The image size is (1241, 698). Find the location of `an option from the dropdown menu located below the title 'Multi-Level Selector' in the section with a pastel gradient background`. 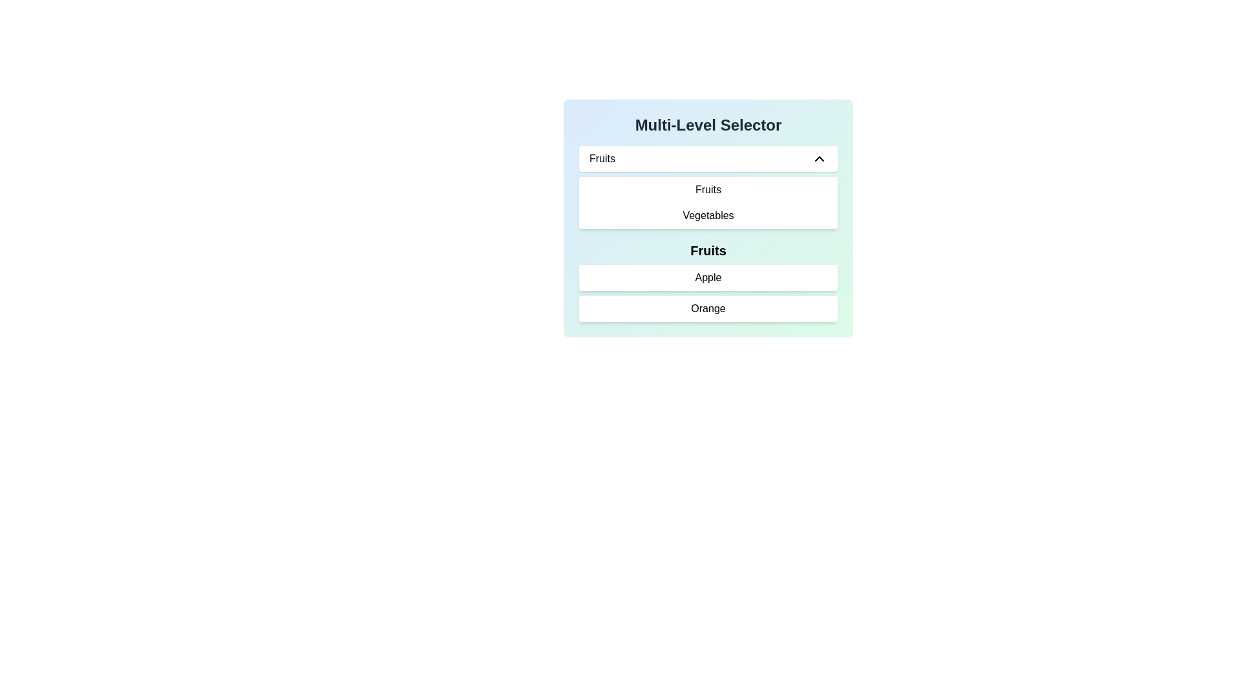

an option from the dropdown menu located below the title 'Multi-Level Selector' in the section with a pastel gradient background is located at coordinates (707, 187).